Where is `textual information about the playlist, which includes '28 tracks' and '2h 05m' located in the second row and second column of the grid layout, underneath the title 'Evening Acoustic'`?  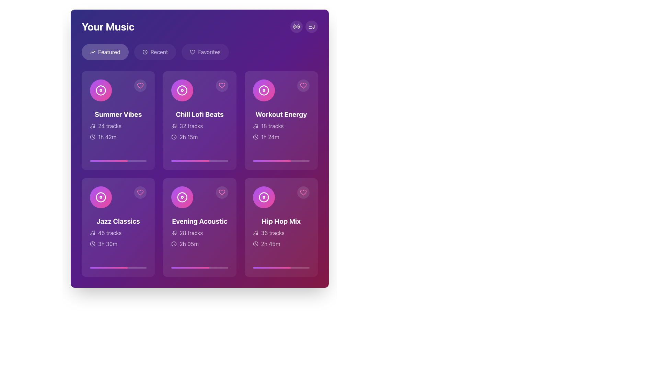
textual information about the playlist, which includes '28 tracks' and '2h 05m' located in the second row and second column of the grid layout, underneath the title 'Evening Acoustic' is located at coordinates (199, 238).